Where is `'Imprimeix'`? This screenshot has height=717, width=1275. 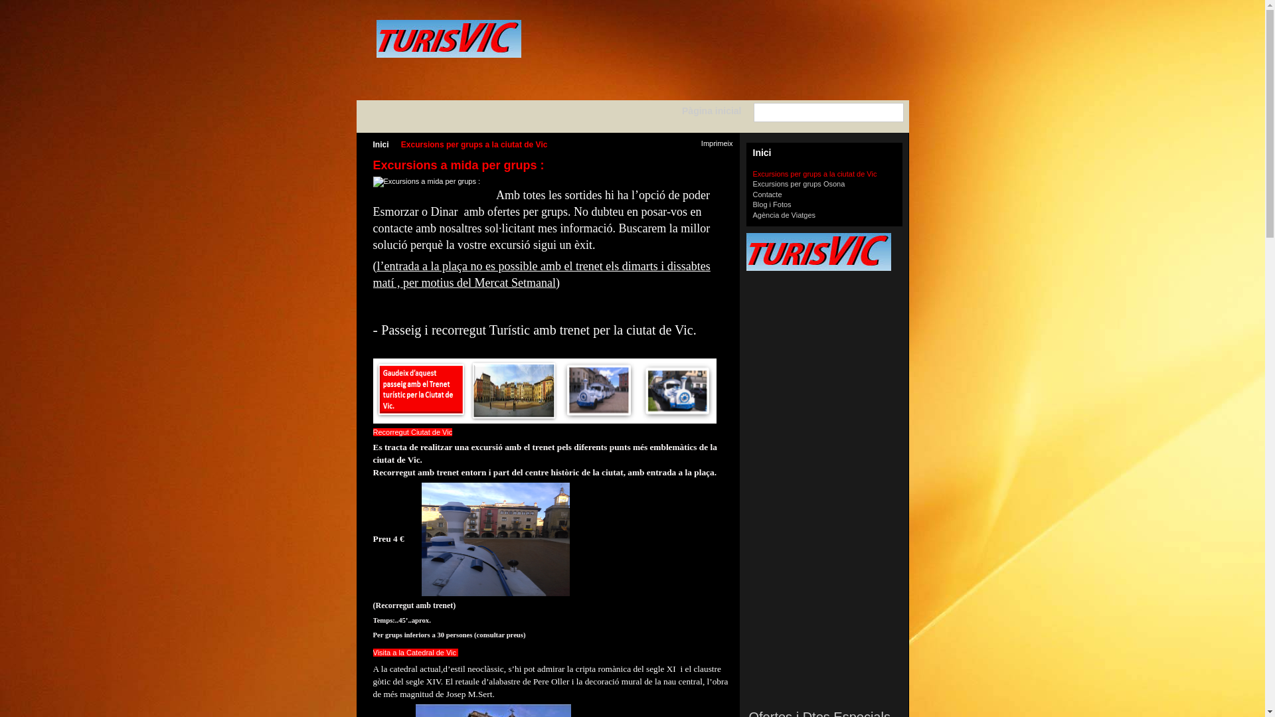
'Imprimeix' is located at coordinates (710, 144).